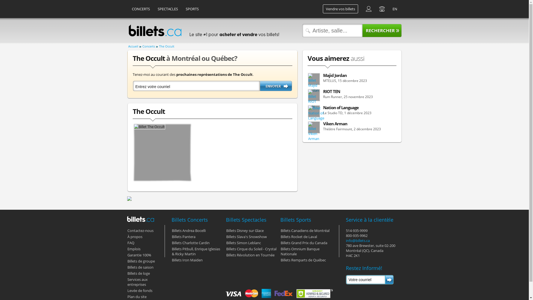  I want to click on 'Billets Simon Leblanc', so click(243, 242).